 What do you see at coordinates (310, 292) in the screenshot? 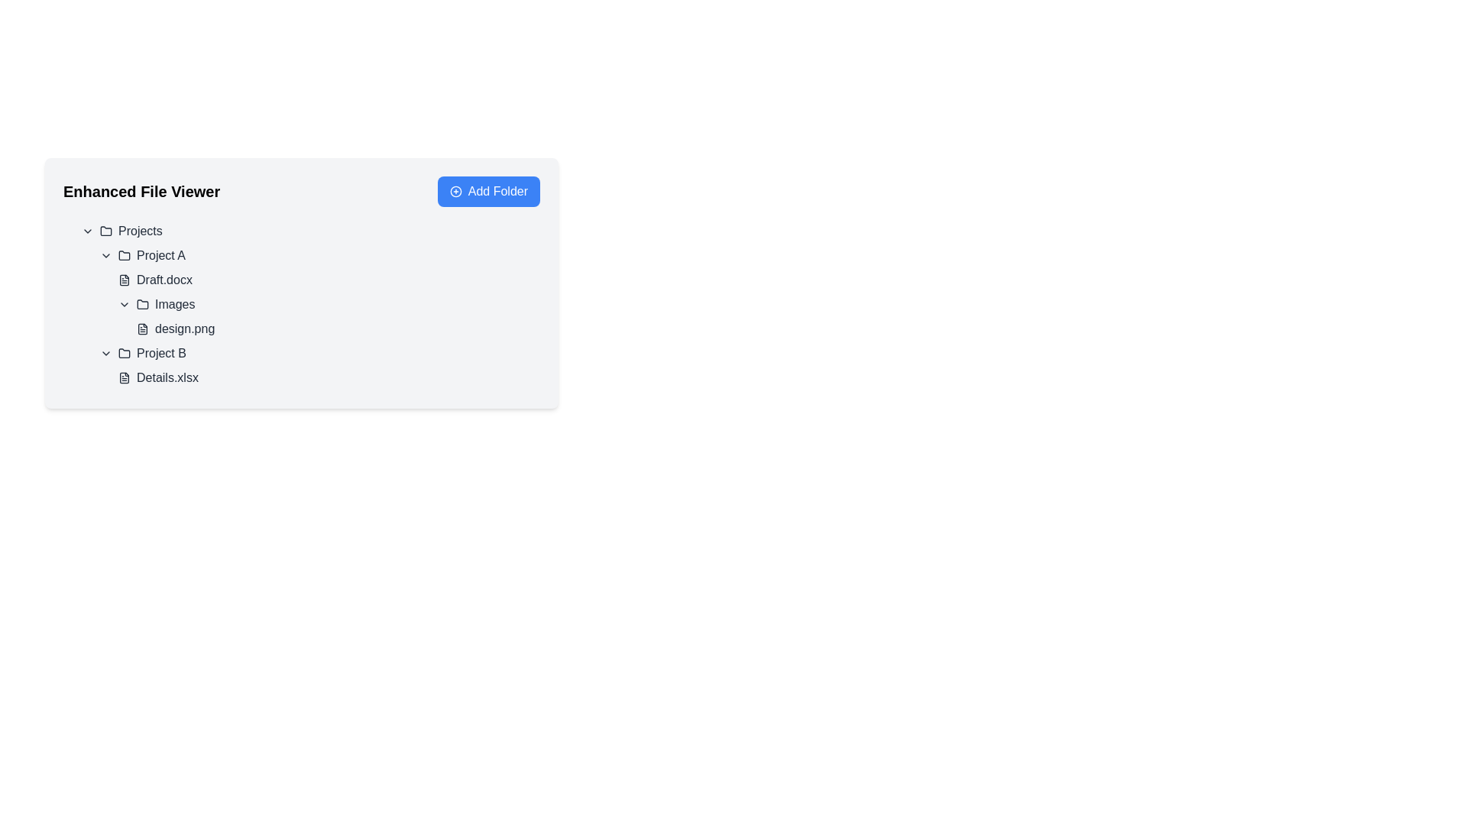
I see `the File or folder entry labeled 'Draft.docxImagesdesign.png' in the hierarchical file viewer` at bounding box center [310, 292].